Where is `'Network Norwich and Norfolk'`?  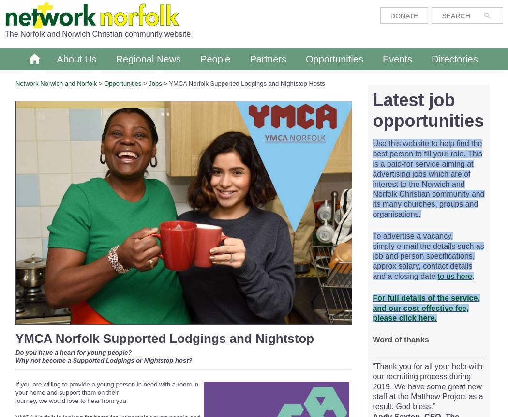 'Network Norwich and Norfolk' is located at coordinates (15, 83).